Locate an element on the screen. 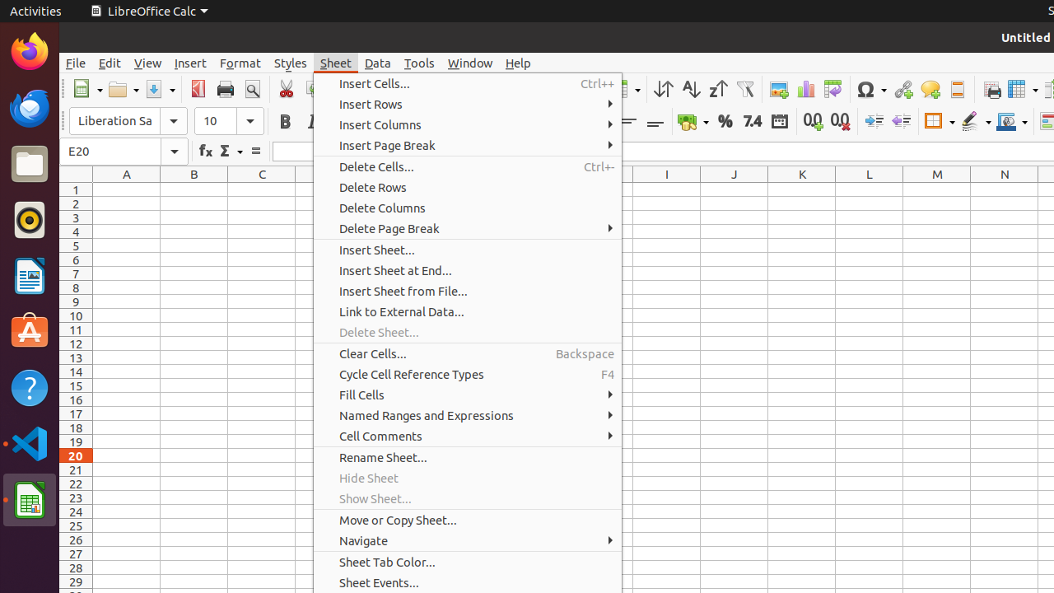  'Cut' is located at coordinates (286, 89).